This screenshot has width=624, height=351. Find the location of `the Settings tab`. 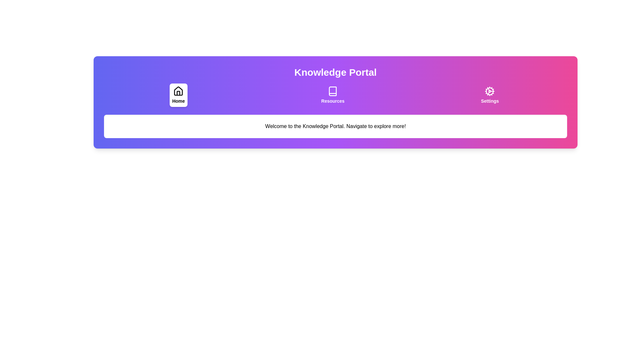

the Settings tab is located at coordinates (490, 95).